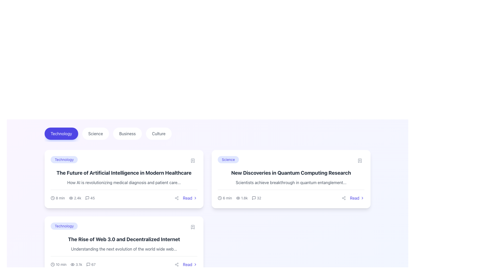 The height and width of the screenshot is (275, 489). Describe the element at coordinates (357, 198) in the screenshot. I see `the 'Read' button with indigo text and a right-pointing chevron icon, located at the bottom-right corner of the card in the top-right position of the grid layout` at that location.